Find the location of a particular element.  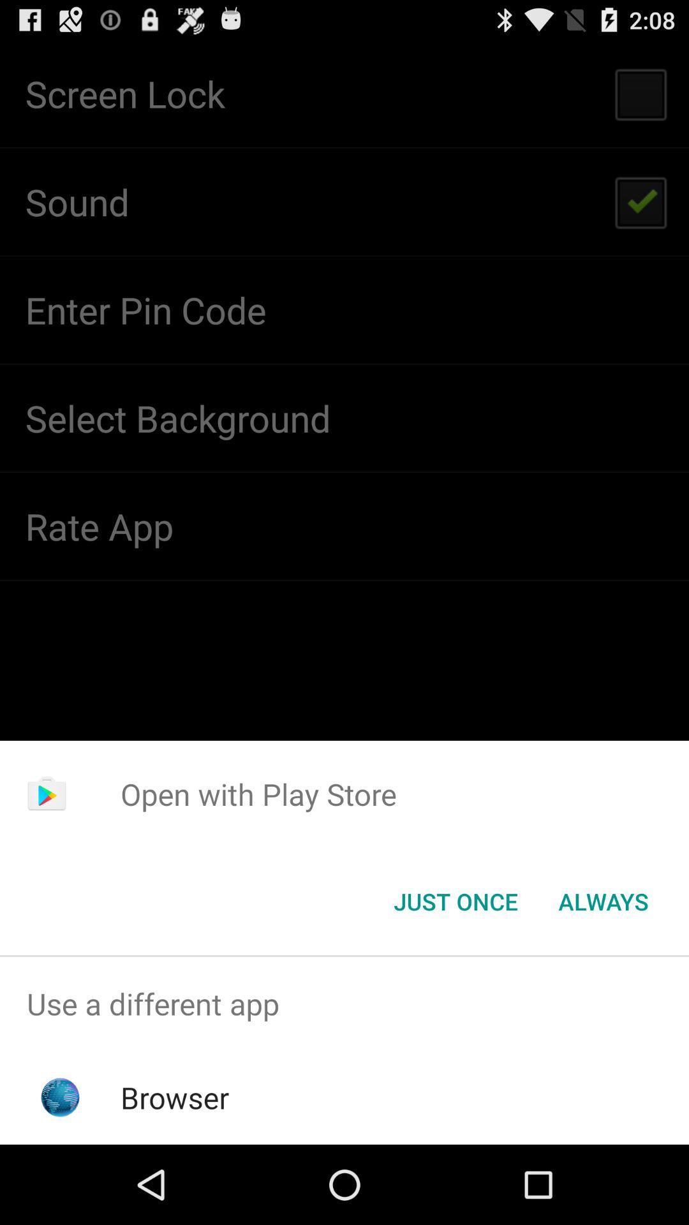

the always button is located at coordinates (603, 900).